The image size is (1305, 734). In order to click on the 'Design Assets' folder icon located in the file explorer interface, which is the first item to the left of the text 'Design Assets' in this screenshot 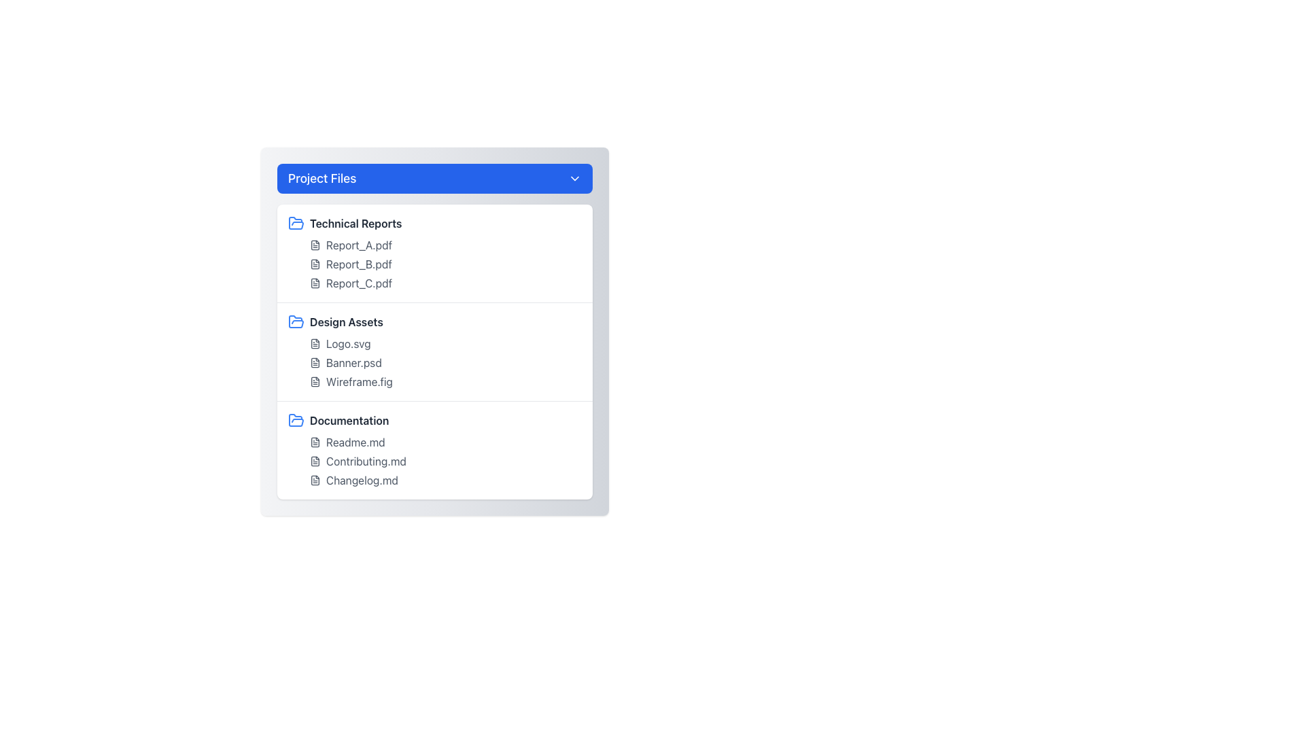, I will do `click(296, 321)`.